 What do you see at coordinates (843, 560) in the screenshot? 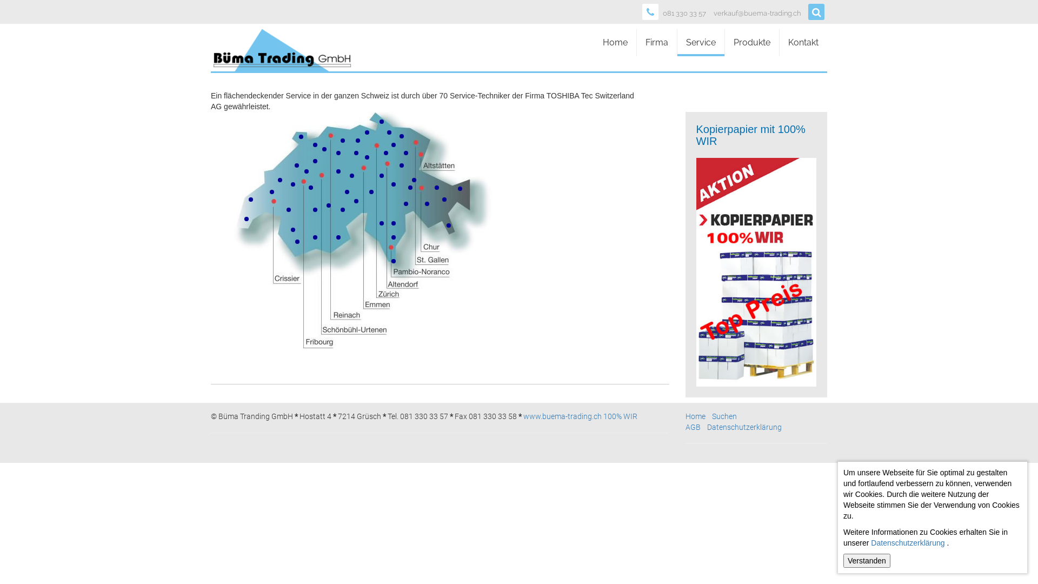
I see `'Verstanden'` at bounding box center [843, 560].